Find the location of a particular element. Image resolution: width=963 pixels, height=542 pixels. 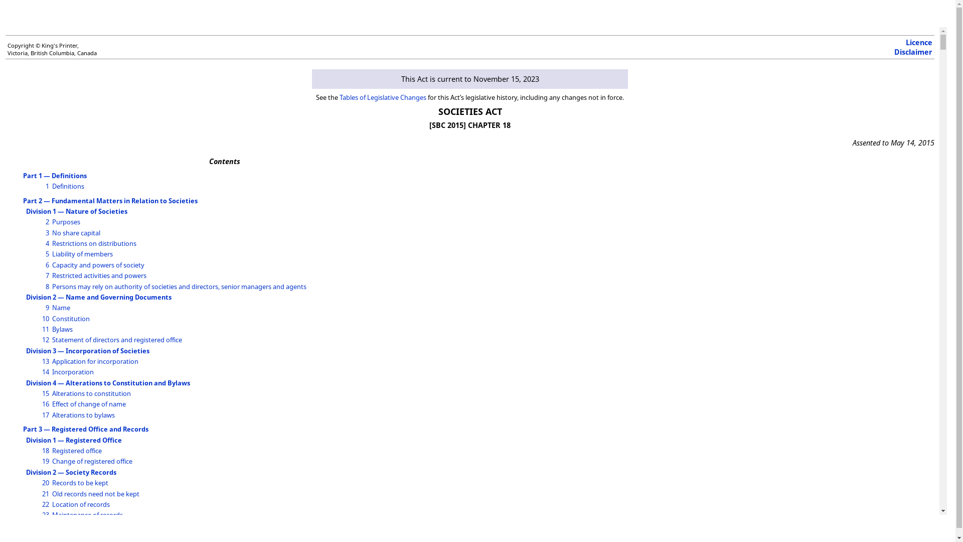

'7' is located at coordinates (47, 275).